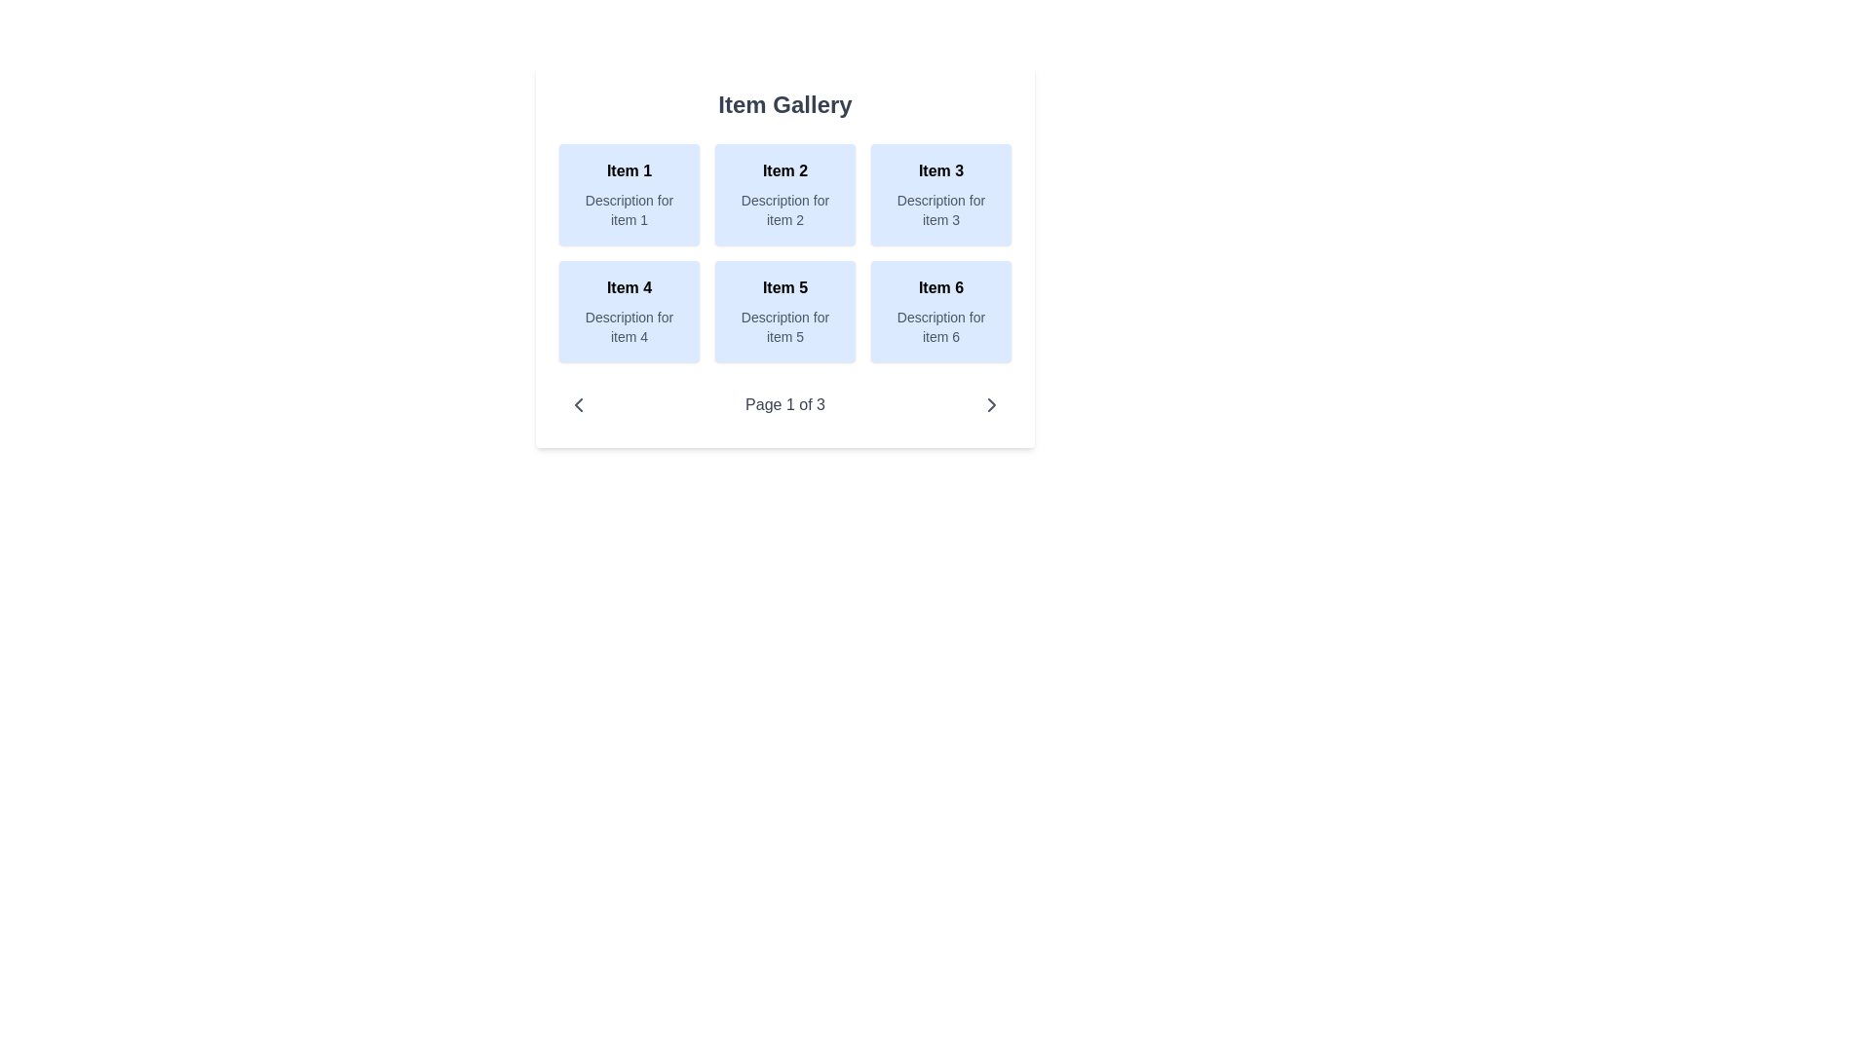 The height and width of the screenshot is (1052, 1871). Describe the element at coordinates (630, 288) in the screenshot. I see `the text label that displays the title 'Item 4' in the Item Gallery section, located in the first column of the second row of a 3x2 grid layout` at that location.